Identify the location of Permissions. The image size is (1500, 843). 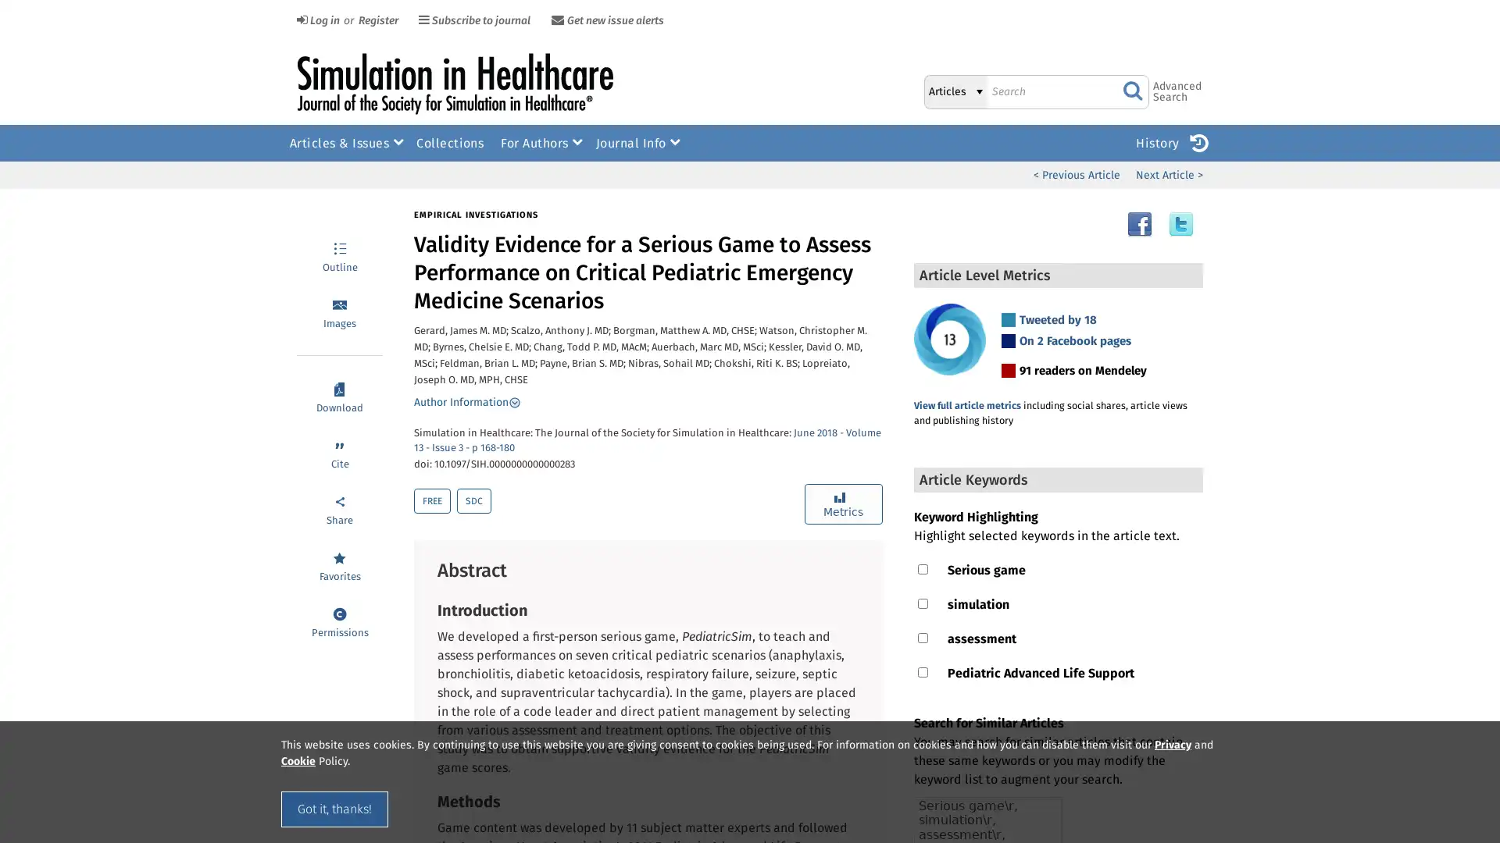
(339, 620).